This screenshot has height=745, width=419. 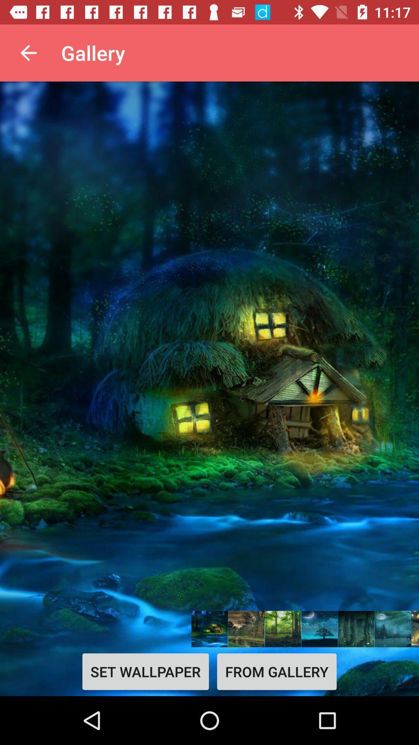 What do you see at coordinates (276, 671) in the screenshot?
I see `the from gallery item` at bounding box center [276, 671].